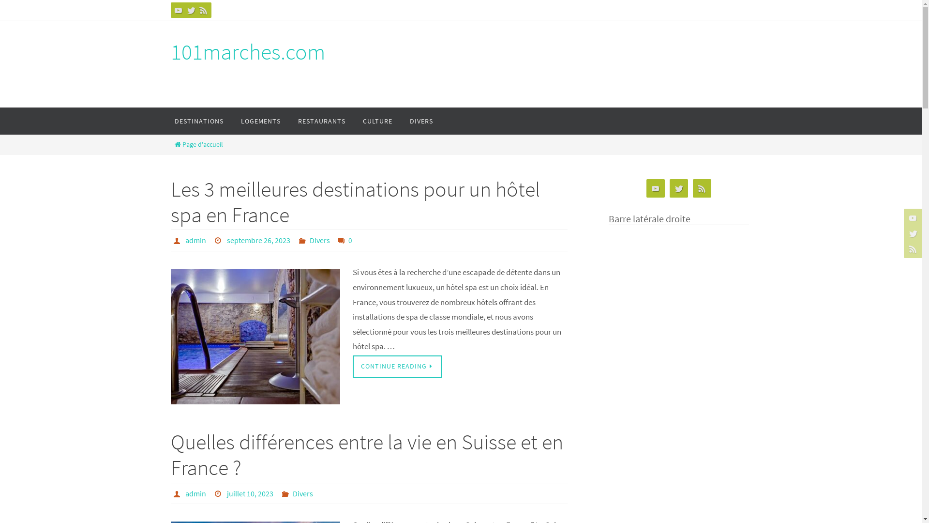  Describe the element at coordinates (911, 248) in the screenshot. I see `'RSS'` at that location.